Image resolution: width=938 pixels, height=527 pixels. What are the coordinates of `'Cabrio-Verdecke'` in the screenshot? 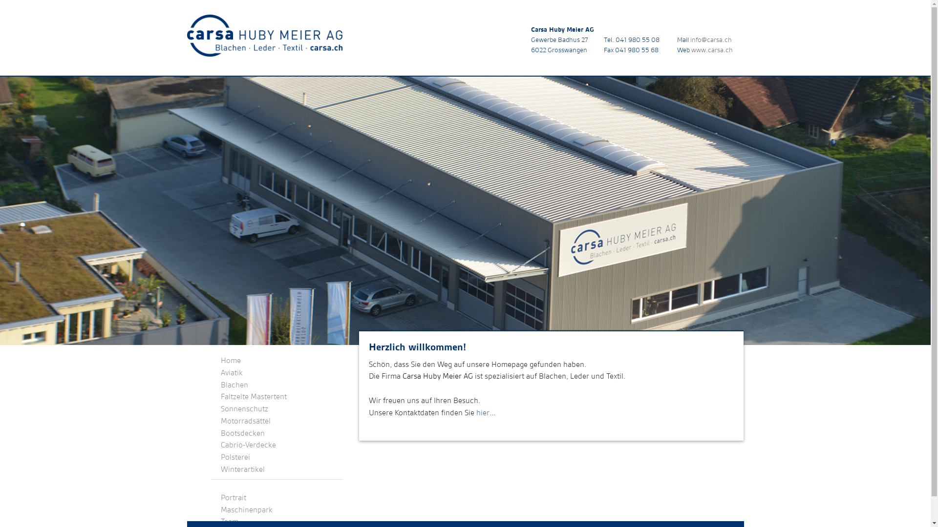 It's located at (248, 445).